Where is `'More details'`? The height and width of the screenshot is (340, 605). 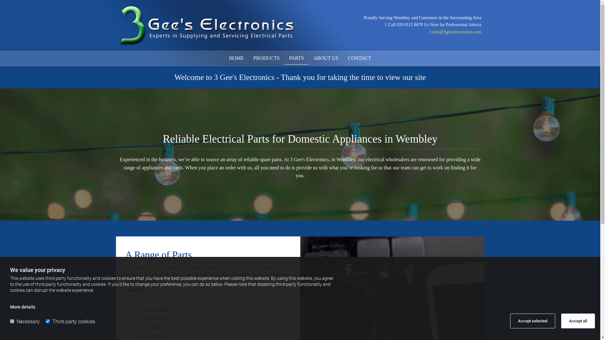
'More details' is located at coordinates (23, 307).